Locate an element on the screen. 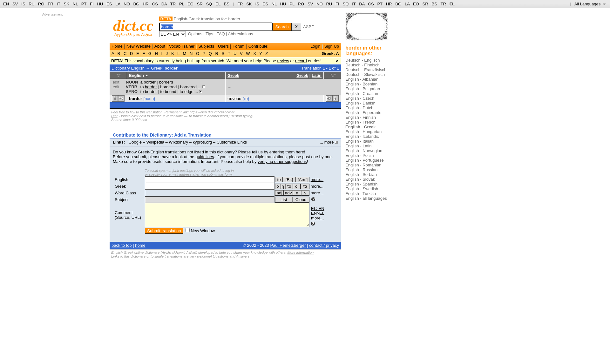  'Abbreviations' is located at coordinates (240, 34).